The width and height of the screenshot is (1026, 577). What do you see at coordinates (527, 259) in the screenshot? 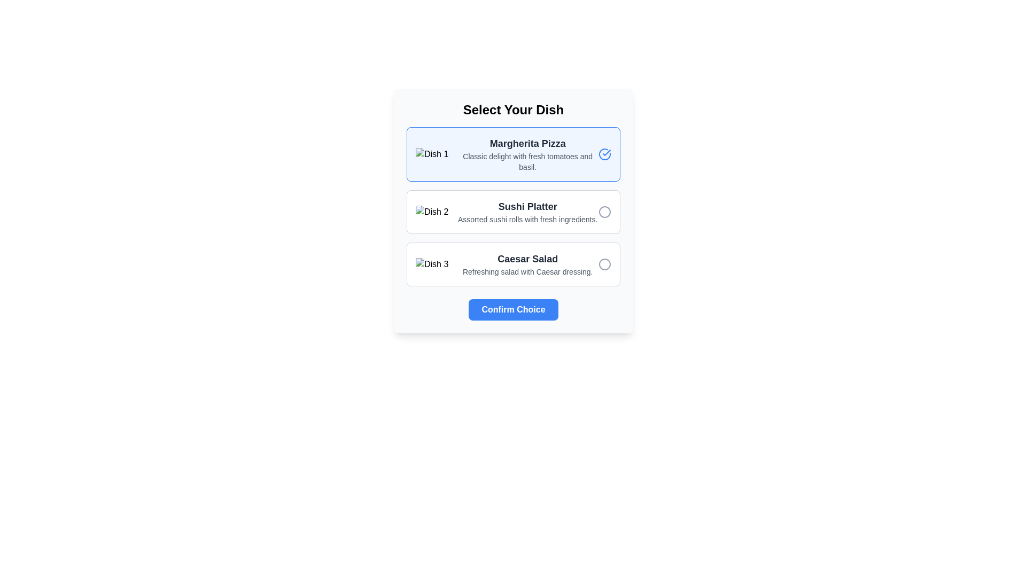
I see `the 'Caesar Salad' title text element, which is the third option in the selectable dish list, displayed in bold with a dark color above its descriptive text` at bounding box center [527, 259].